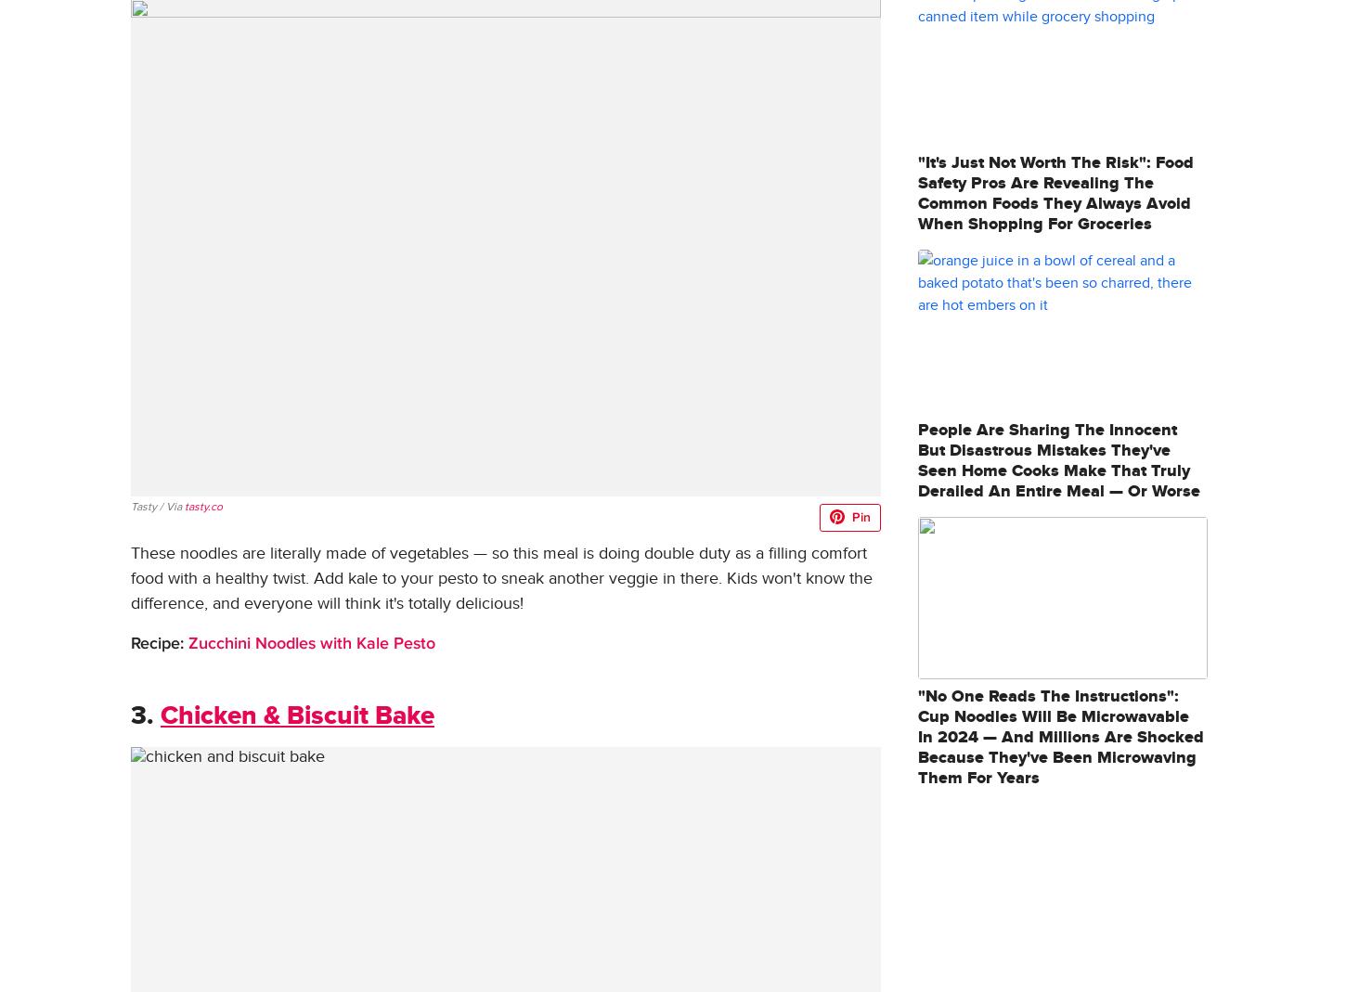  Describe the element at coordinates (159, 715) in the screenshot. I see `'Chicken & Biscuit Bake'` at that location.